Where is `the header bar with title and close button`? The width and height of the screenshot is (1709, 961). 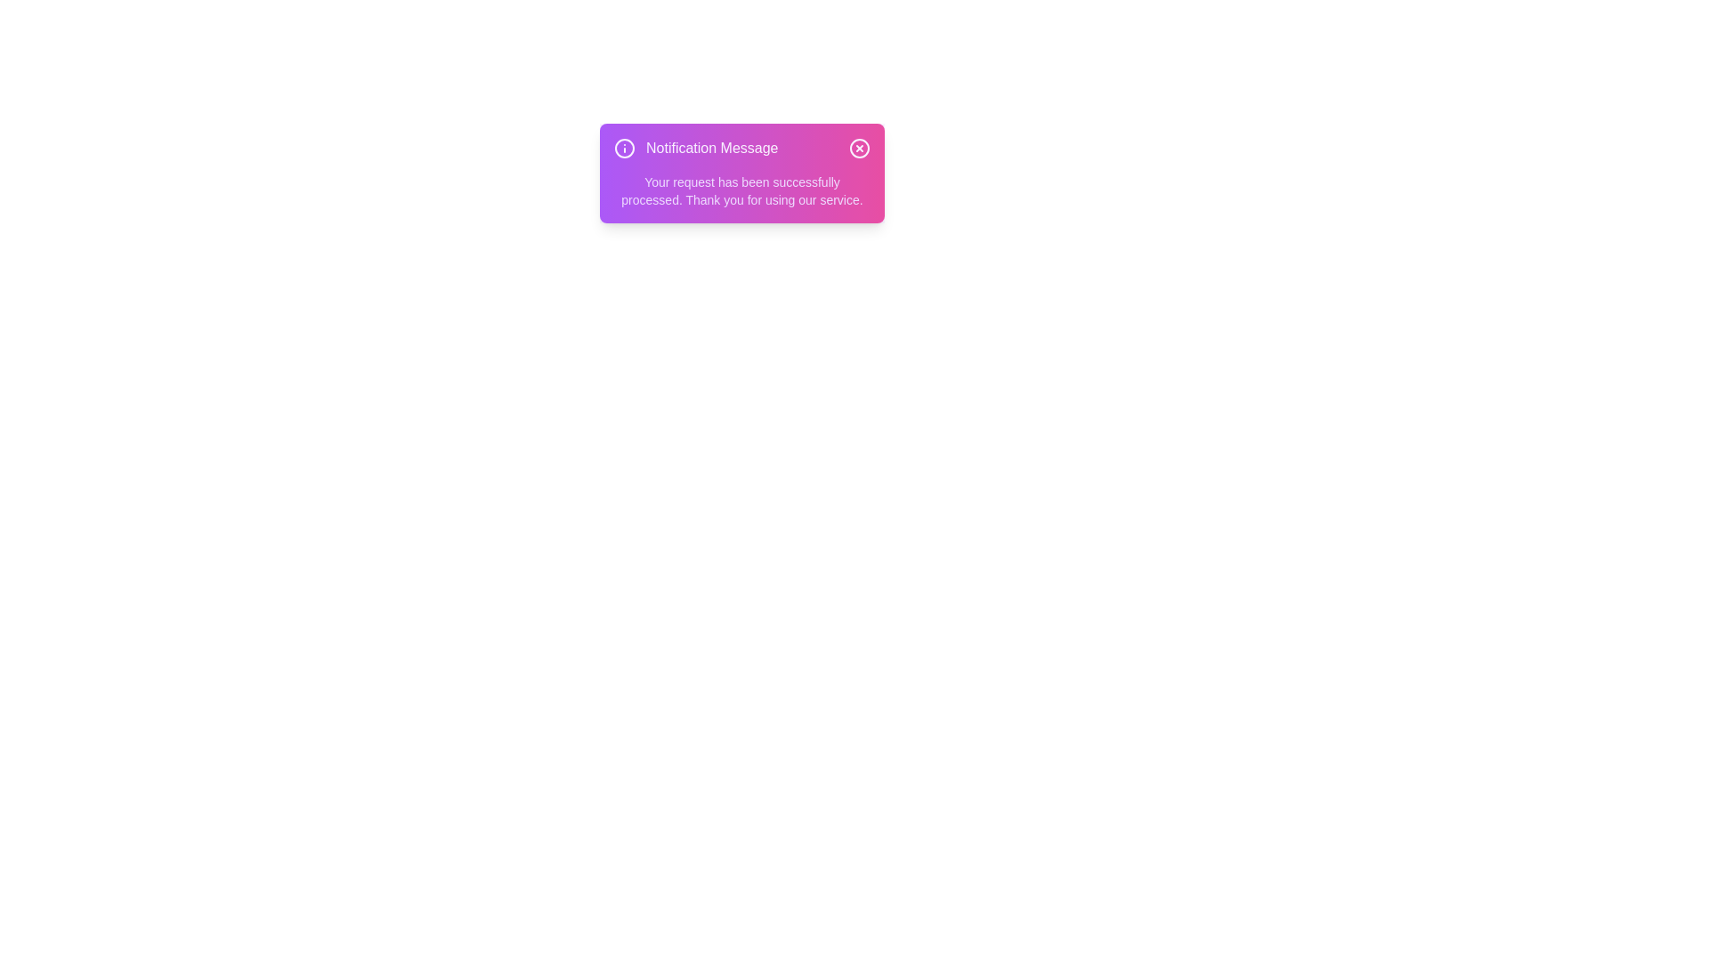 the header bar with title and close button is located at coordinates (742, 147).